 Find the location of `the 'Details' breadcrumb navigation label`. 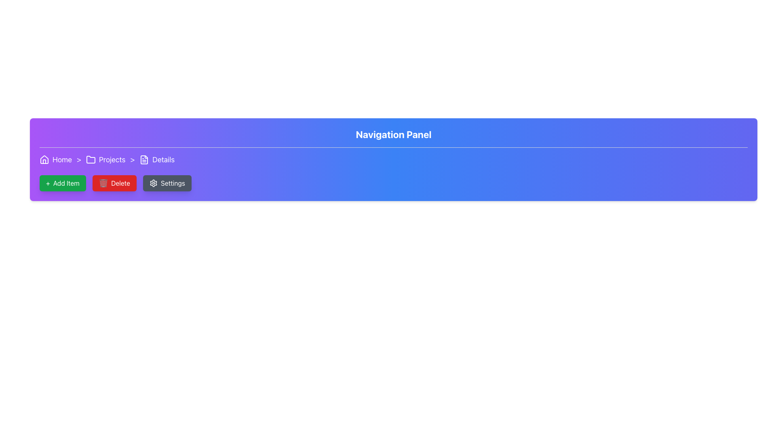

the 'Details' breadcrumb navigation label is located at coordinates (163, 160).